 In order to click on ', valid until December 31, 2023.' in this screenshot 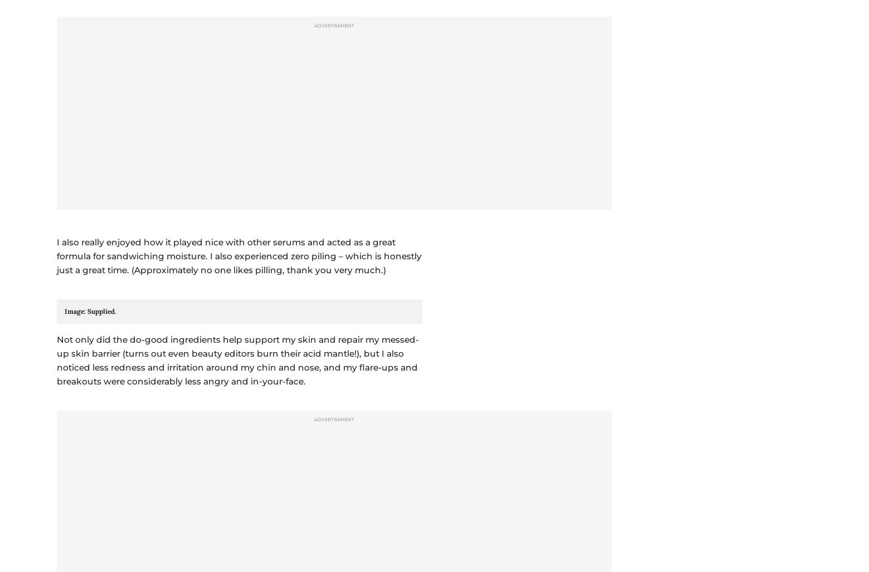, I will do `click(231, 123)`.